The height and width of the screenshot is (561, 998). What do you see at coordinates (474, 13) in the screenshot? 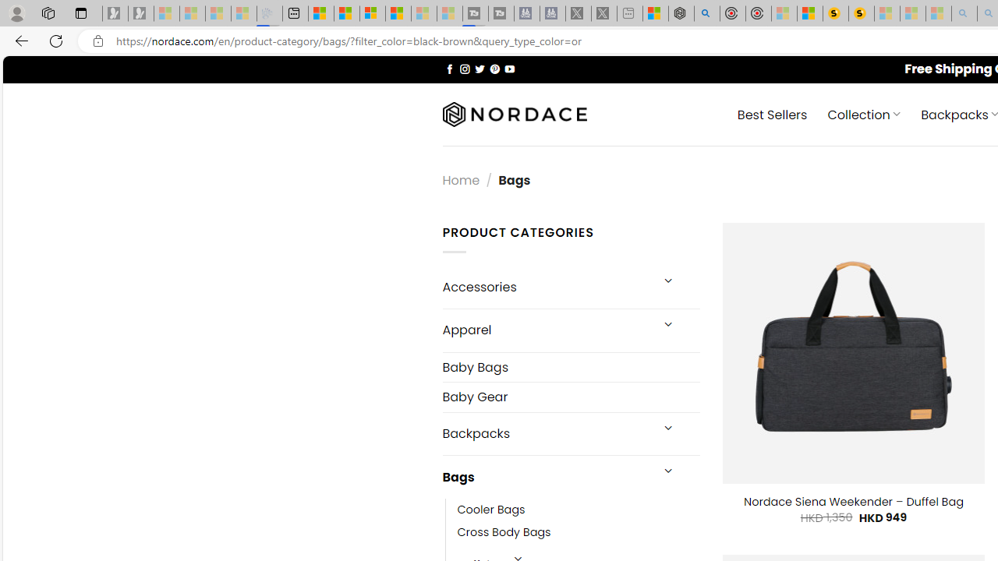
I see `'Streaming Coverage | T3 - Sleeping'` at bounding box center [474, 13].